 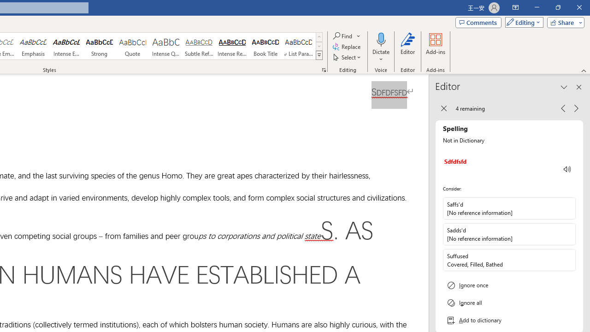 What do you see at coordinates (584, 70) in the screenshot?
I see `'Collapse the Ribbon'` at bounding box center [584, 70].